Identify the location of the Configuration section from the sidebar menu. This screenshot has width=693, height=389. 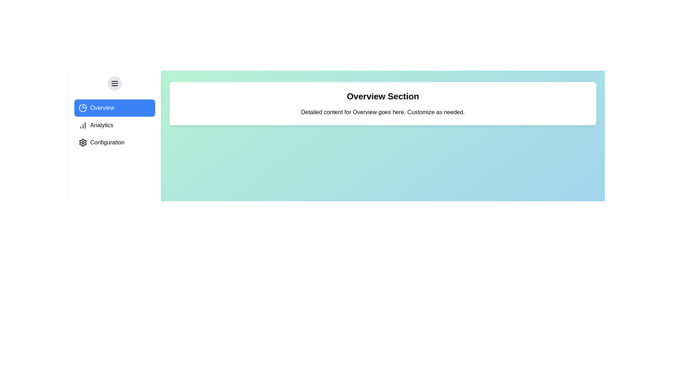
(114, 143).